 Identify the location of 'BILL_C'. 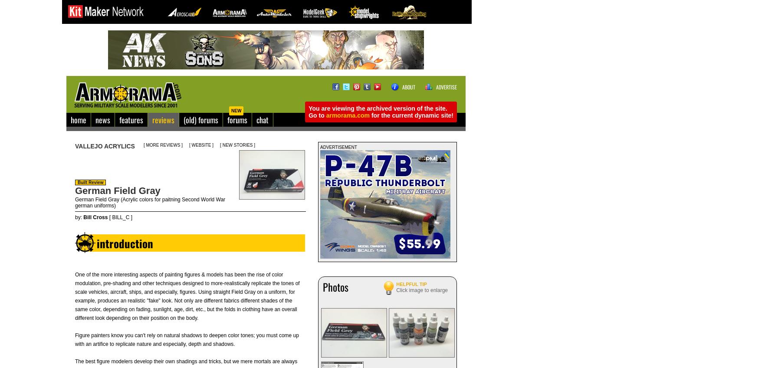
(120, 217).